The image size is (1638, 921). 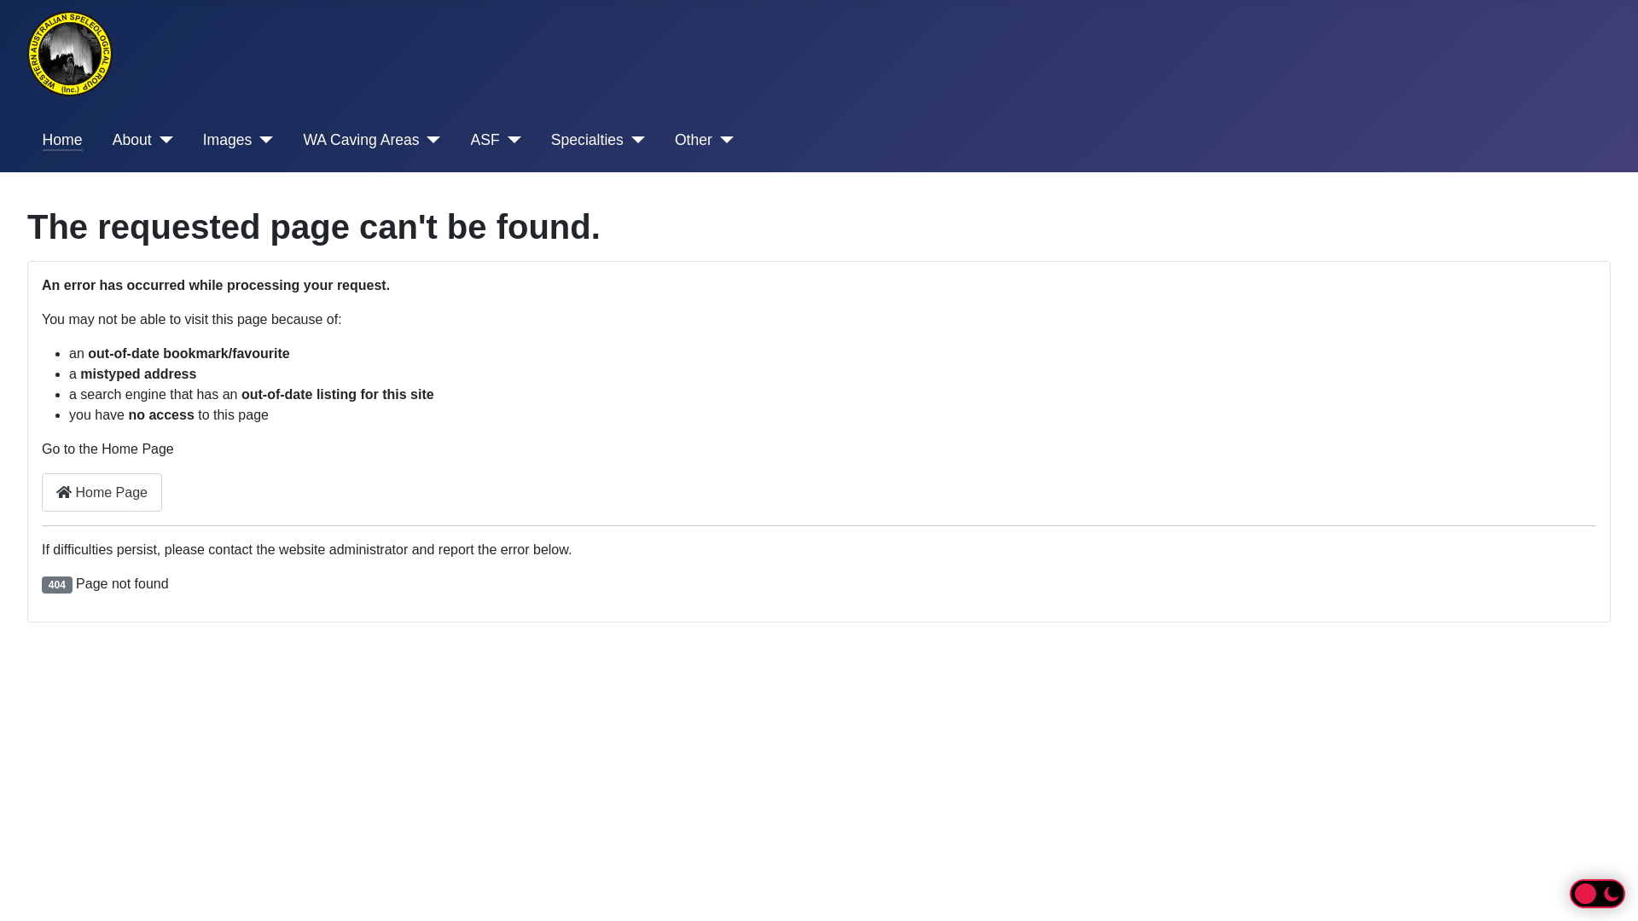 What do you see at coordinates (704, 139) in the screenshot?
I see `'Other'` at bounding box center [704, 139].